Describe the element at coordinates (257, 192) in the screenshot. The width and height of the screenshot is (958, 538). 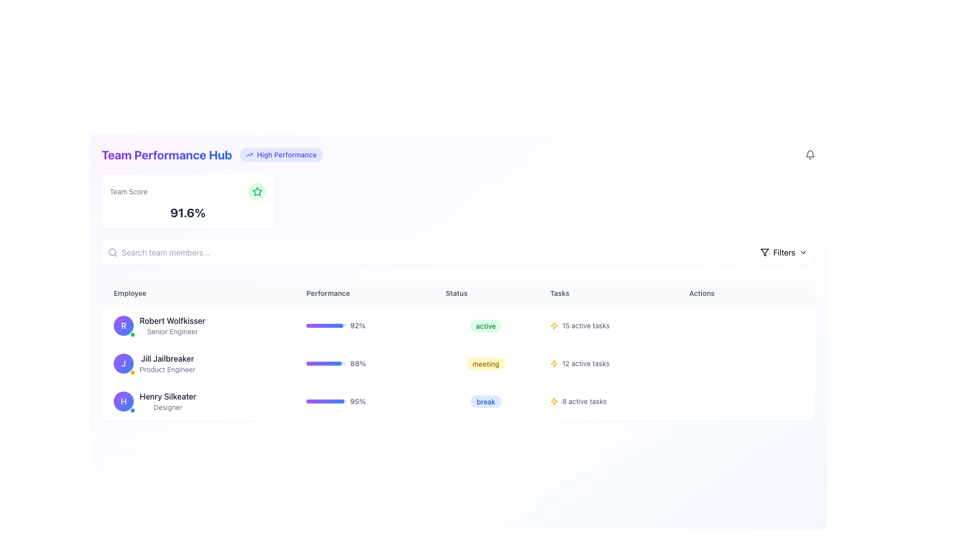
I see `the decorative icon associated with the 'Team Score' label, which is positioned to the right of the 'Team Score' text and above the numerical score` at that location.